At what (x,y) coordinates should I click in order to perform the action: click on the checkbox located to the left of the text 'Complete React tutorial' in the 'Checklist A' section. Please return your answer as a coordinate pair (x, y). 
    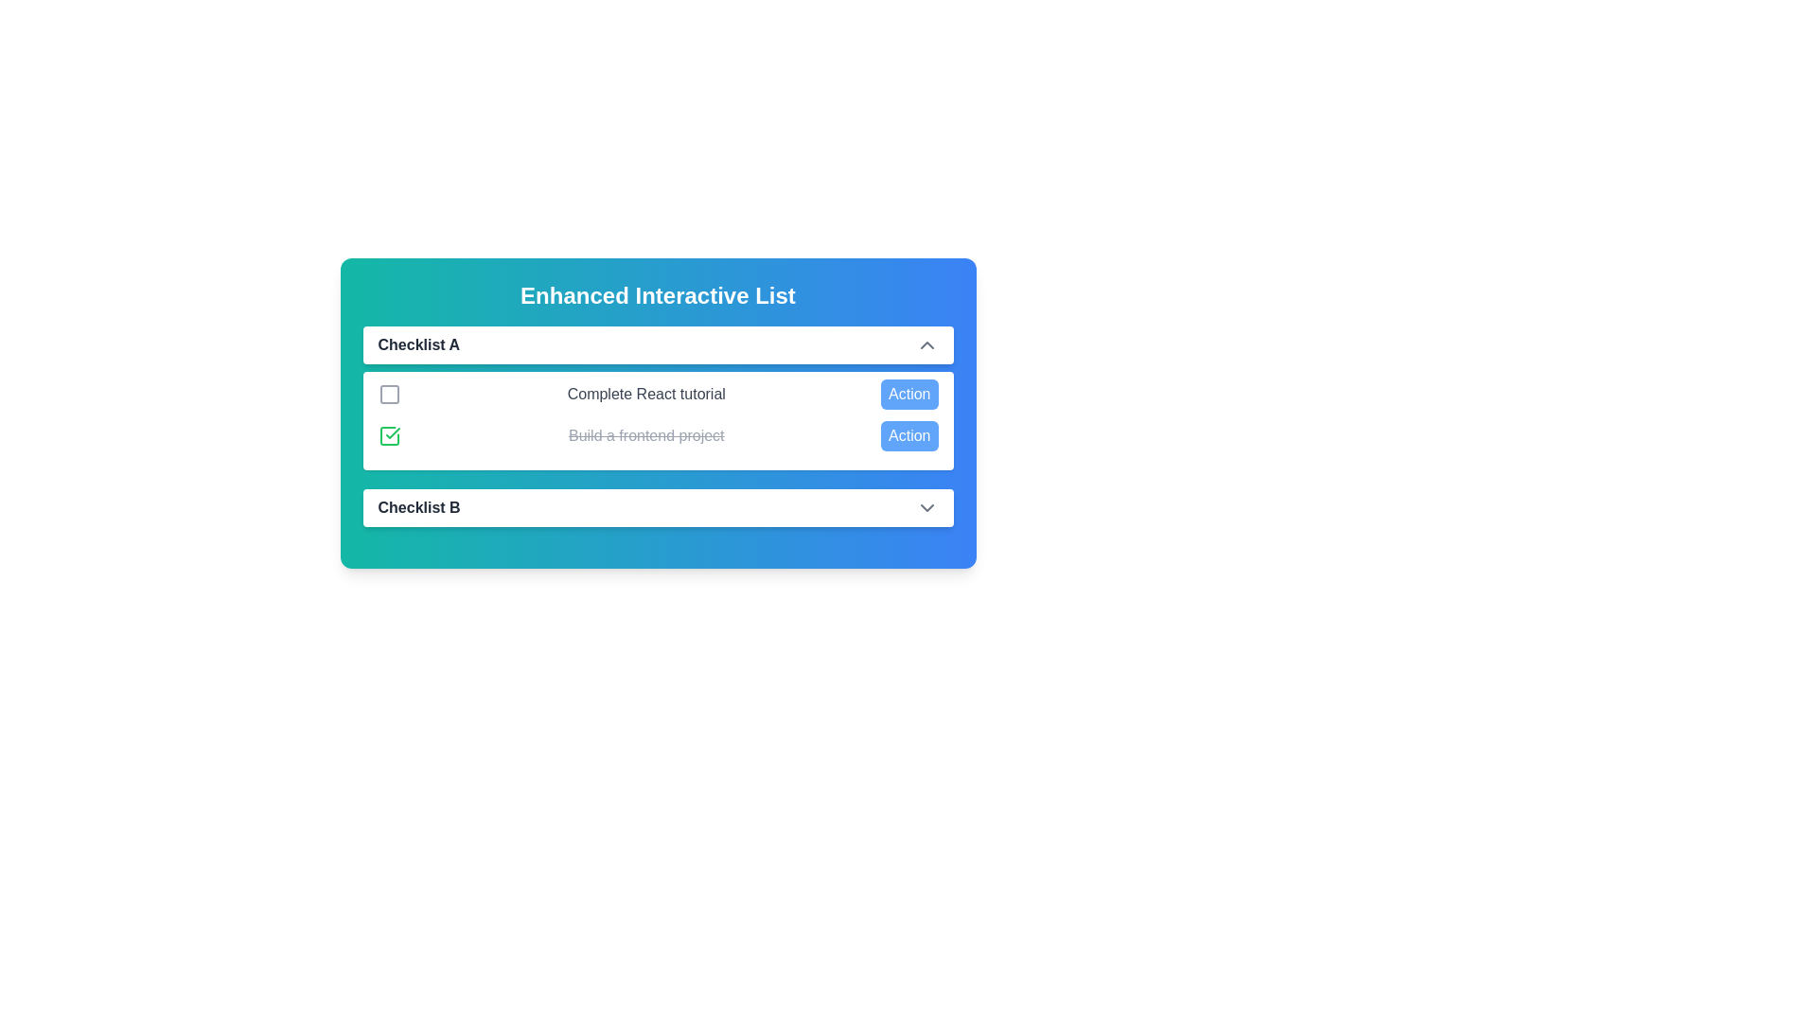
    Looking at the image, I should click on (388, 393).